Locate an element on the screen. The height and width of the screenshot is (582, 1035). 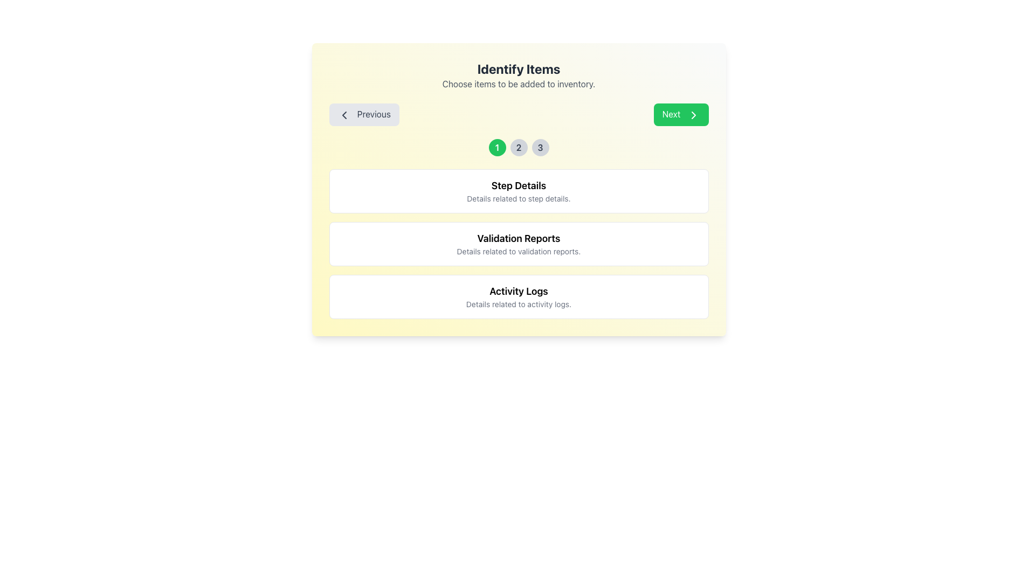
the second circular button in a sequence of three buttons to trigger any associated hover states is located at coordinates (519, 147).